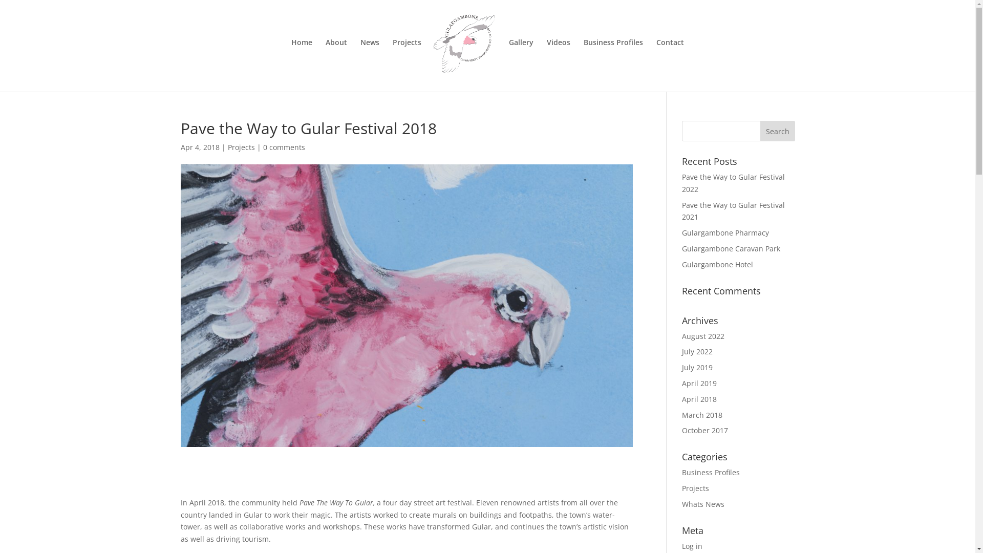  Describe the element at coordinates (240, 147) in the screenshot. I see `'Projects'` at that location.